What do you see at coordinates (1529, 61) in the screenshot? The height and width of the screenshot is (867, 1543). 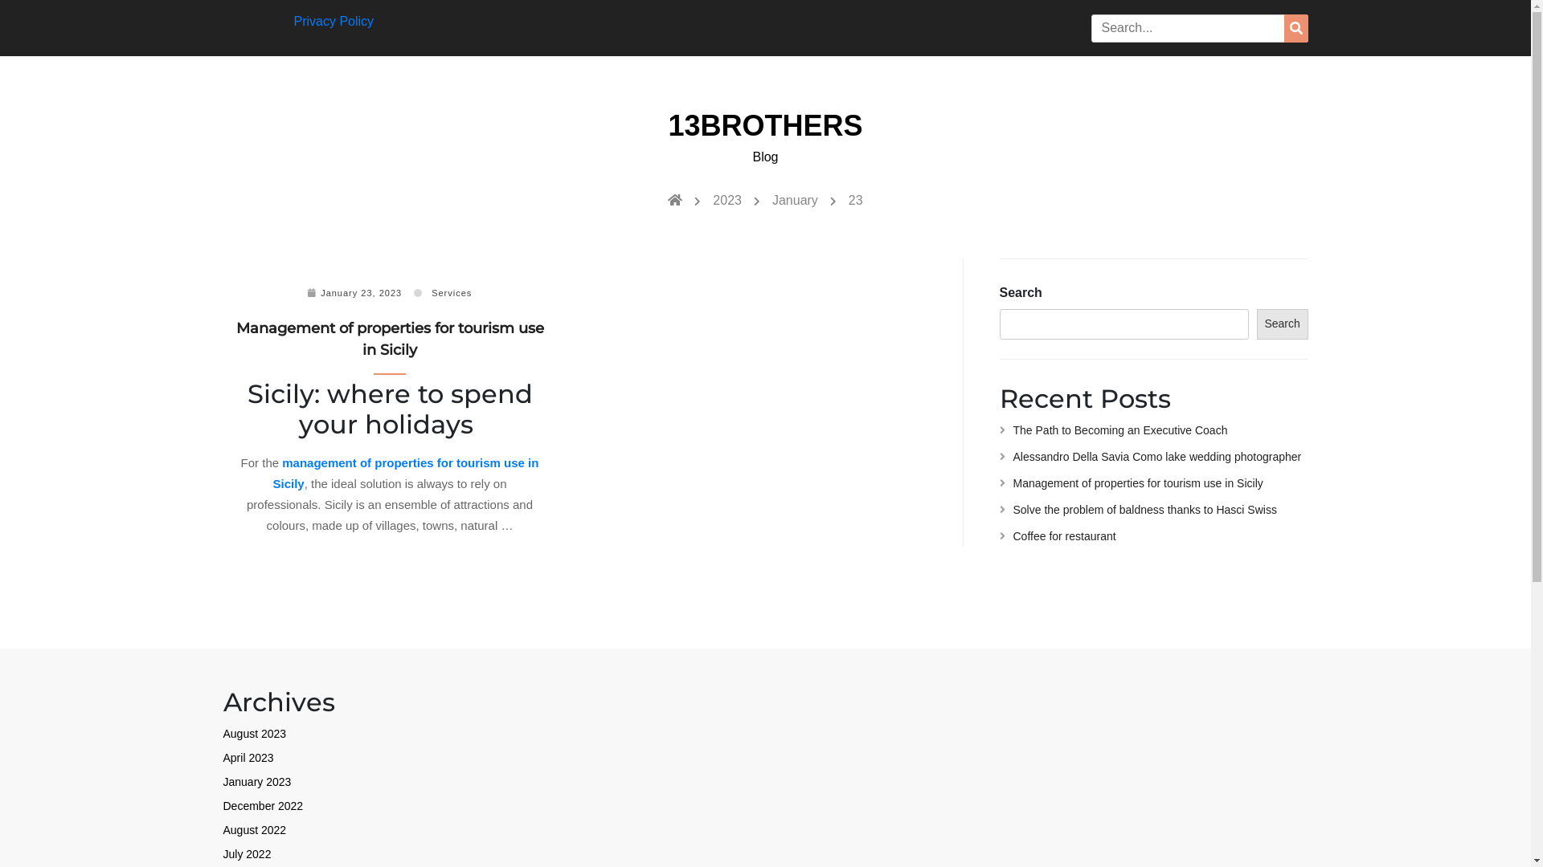 I see `'Circular focus'` at bounding box center [1529, 61].